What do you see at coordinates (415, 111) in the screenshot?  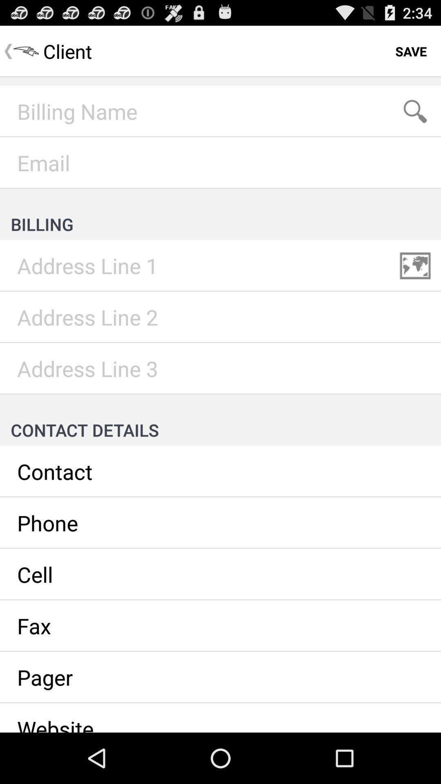 I see `search term` at bounding box center [415, 111].